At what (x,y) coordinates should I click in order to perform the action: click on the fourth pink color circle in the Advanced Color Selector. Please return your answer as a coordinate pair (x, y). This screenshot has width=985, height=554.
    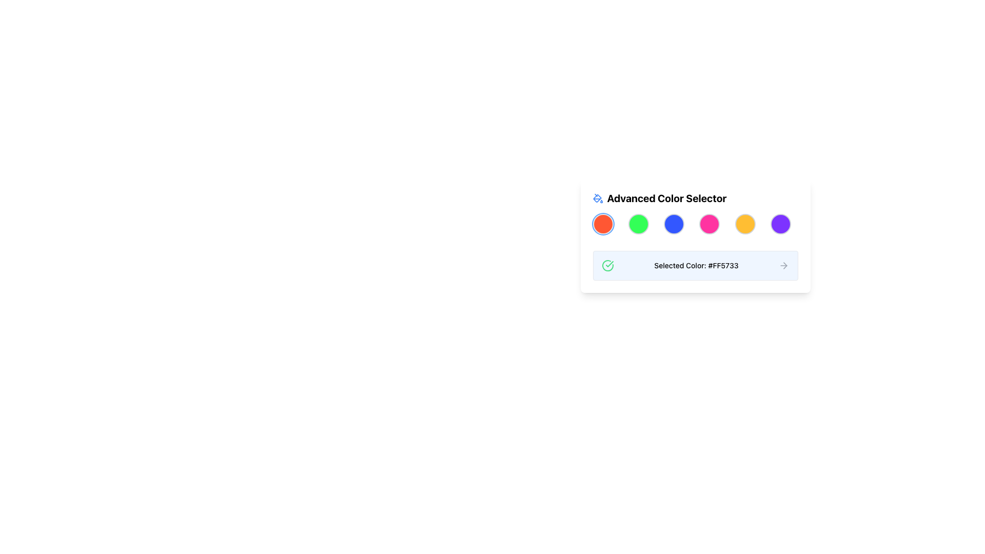
    Looking at the image, I should click on (709, 223).